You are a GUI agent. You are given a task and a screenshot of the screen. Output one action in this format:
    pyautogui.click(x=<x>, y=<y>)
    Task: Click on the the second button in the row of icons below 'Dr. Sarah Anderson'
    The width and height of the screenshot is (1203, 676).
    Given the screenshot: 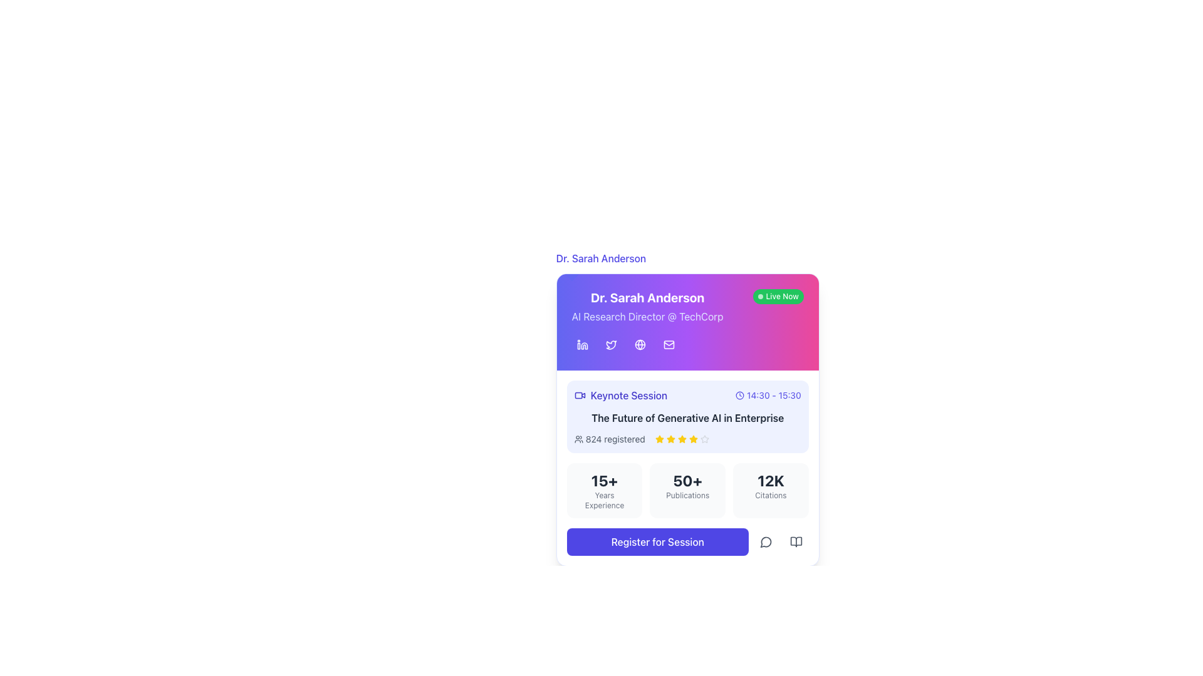 What is the action you would take?
    pyautogui.click(x=611, y=345)
    